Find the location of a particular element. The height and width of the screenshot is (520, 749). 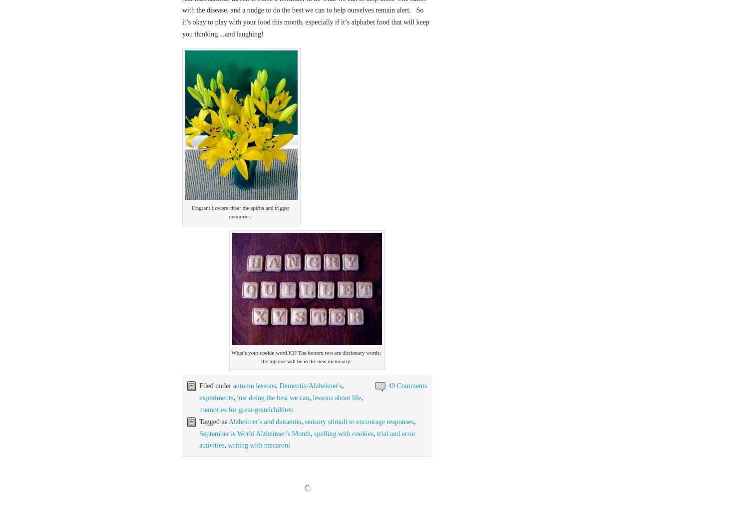

'What’s your cookie word IQ? The bottom two are dictionary words; the top one will be in the new dictionary.' is located at coordinates (306, 356).